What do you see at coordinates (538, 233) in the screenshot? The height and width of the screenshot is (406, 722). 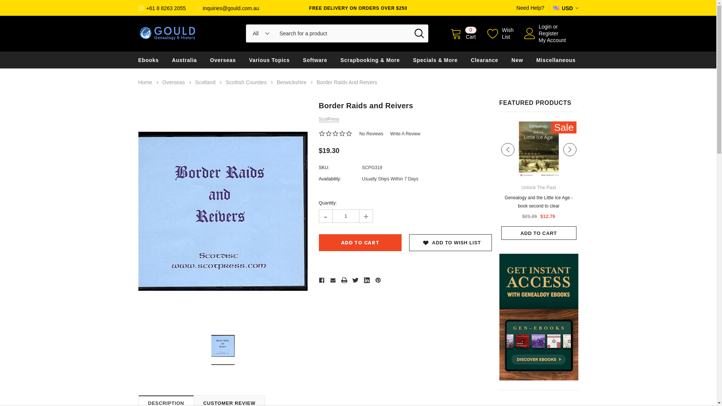 I see `'ADD TO CART'` at bounding box center [538, 233].